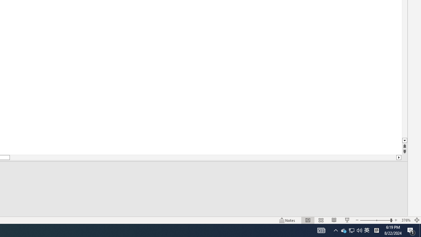 The image size is (421, 237). I want to click on 'Notes ', so click(287, 220).